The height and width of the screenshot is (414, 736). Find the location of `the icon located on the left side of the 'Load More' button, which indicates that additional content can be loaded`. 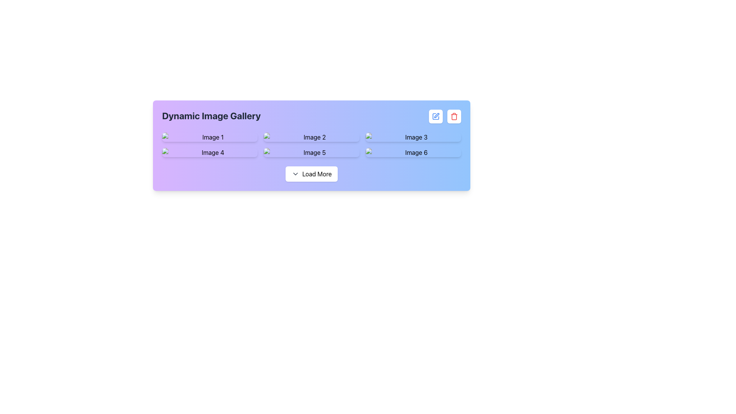

the icon located on the left side of the 'Load More' button, which indicates that additional content can be loaded is located at coordinates (295, 174).